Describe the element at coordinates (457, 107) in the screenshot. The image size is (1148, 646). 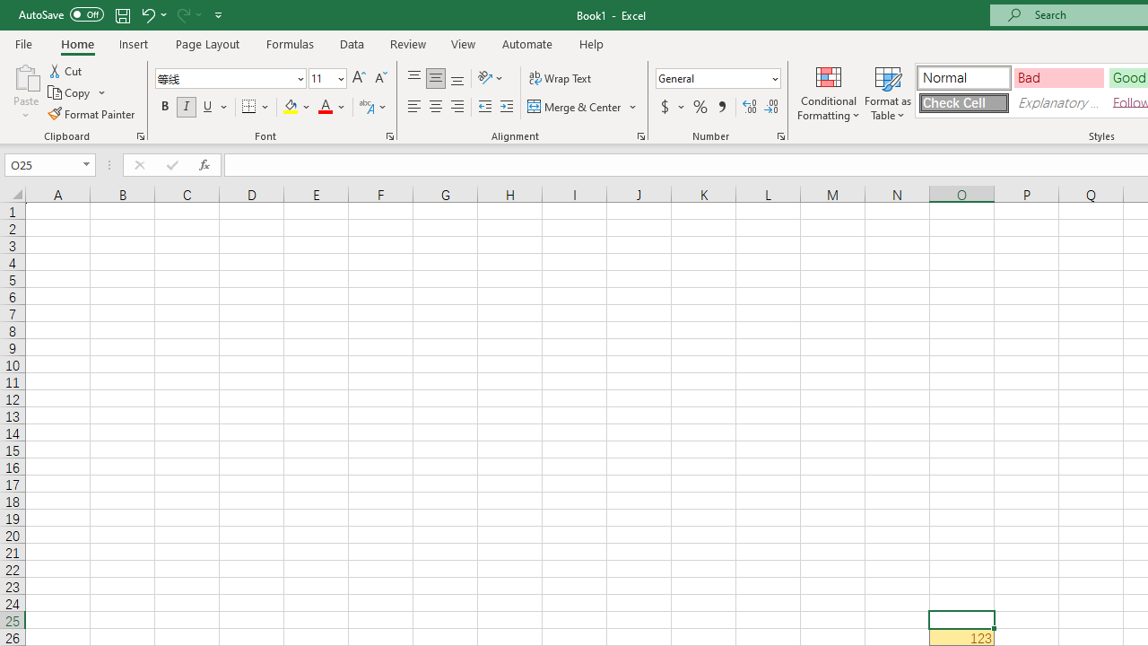
I see `'Align Right'` at that location.